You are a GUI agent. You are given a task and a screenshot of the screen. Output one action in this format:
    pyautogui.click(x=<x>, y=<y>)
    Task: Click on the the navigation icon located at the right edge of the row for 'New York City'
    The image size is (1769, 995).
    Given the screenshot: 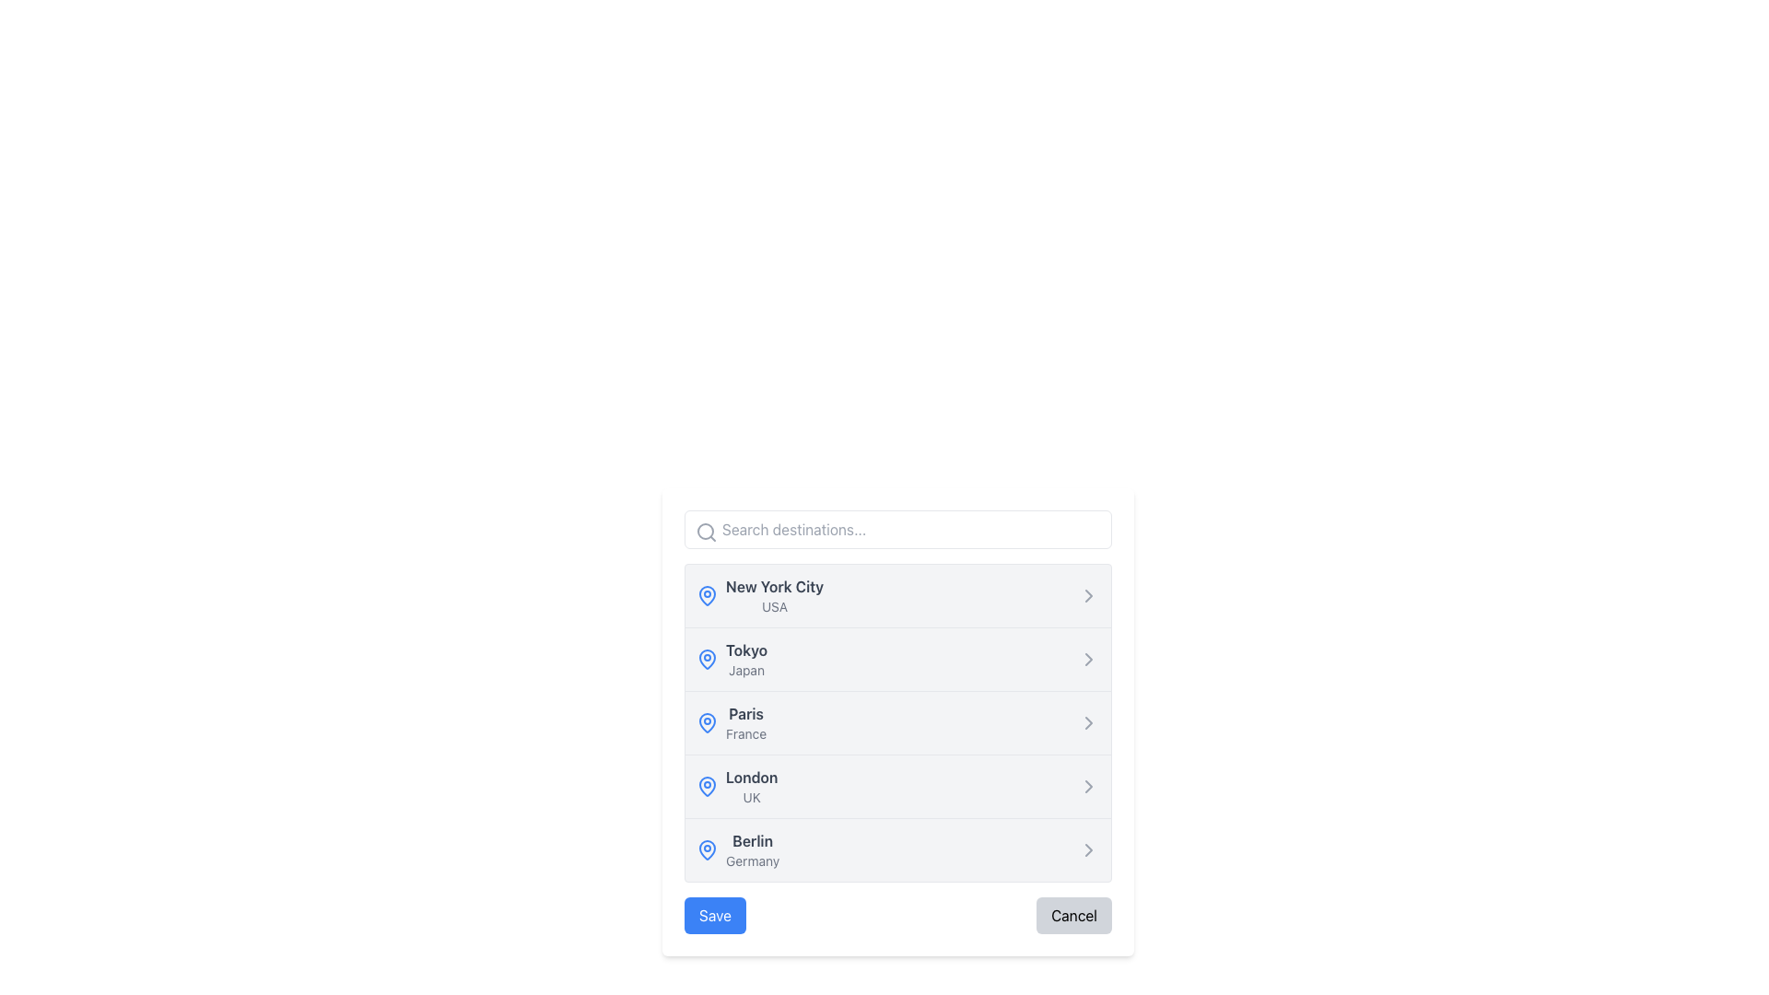 What is the action you would take?
    pyautogui.click(x=1088, y=596)
    